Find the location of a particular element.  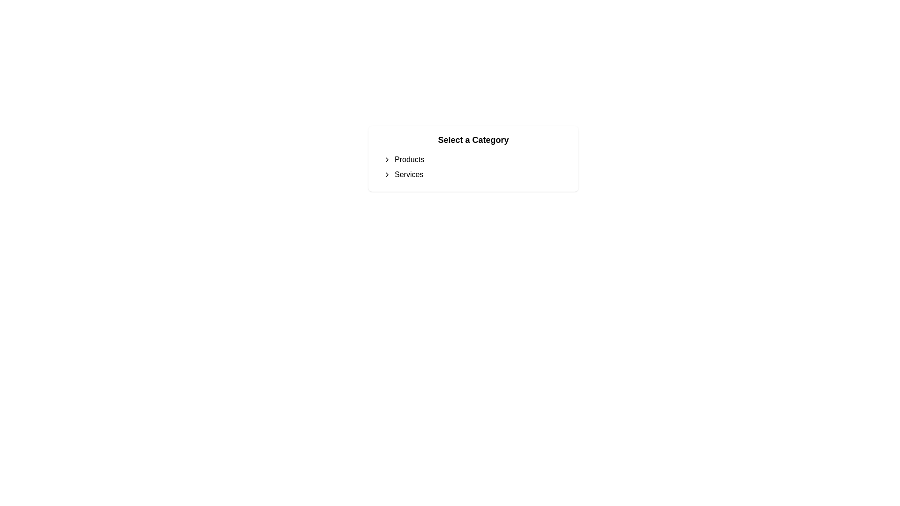

the right-pointing chevron arrow icon next to the 'Services' label to trigger the tooltip or highlight effect is located at coordinates (387, 175).